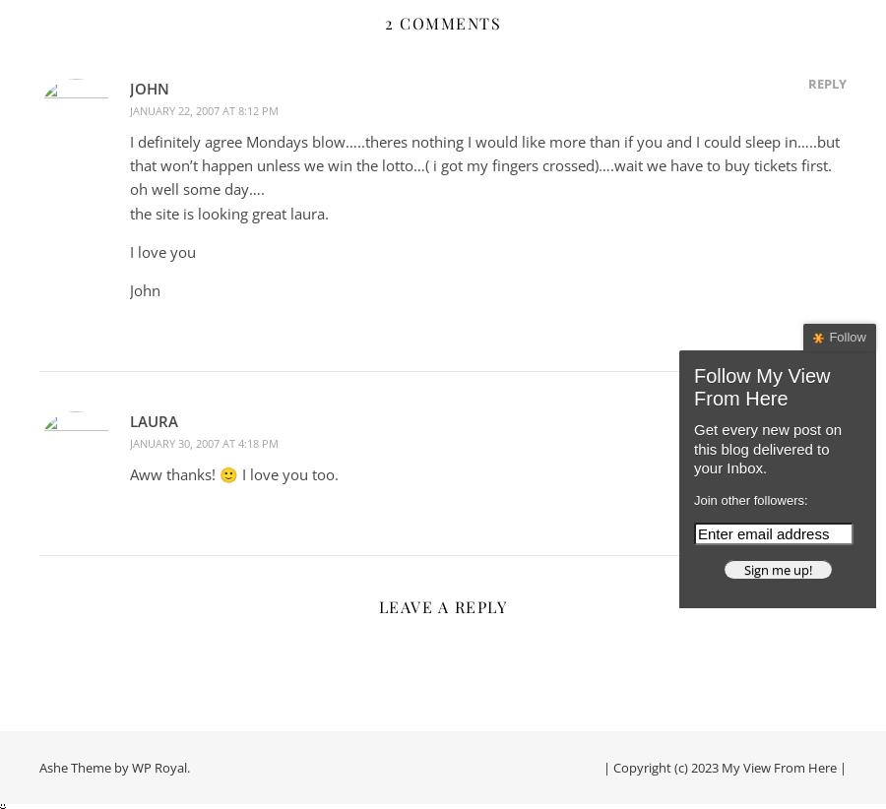 The height and width of the screenshot is (809, 886). What do you see at coordinates (154, 420) in the screenshot?
I see `'Laura'` at bounding box center [154, 420].